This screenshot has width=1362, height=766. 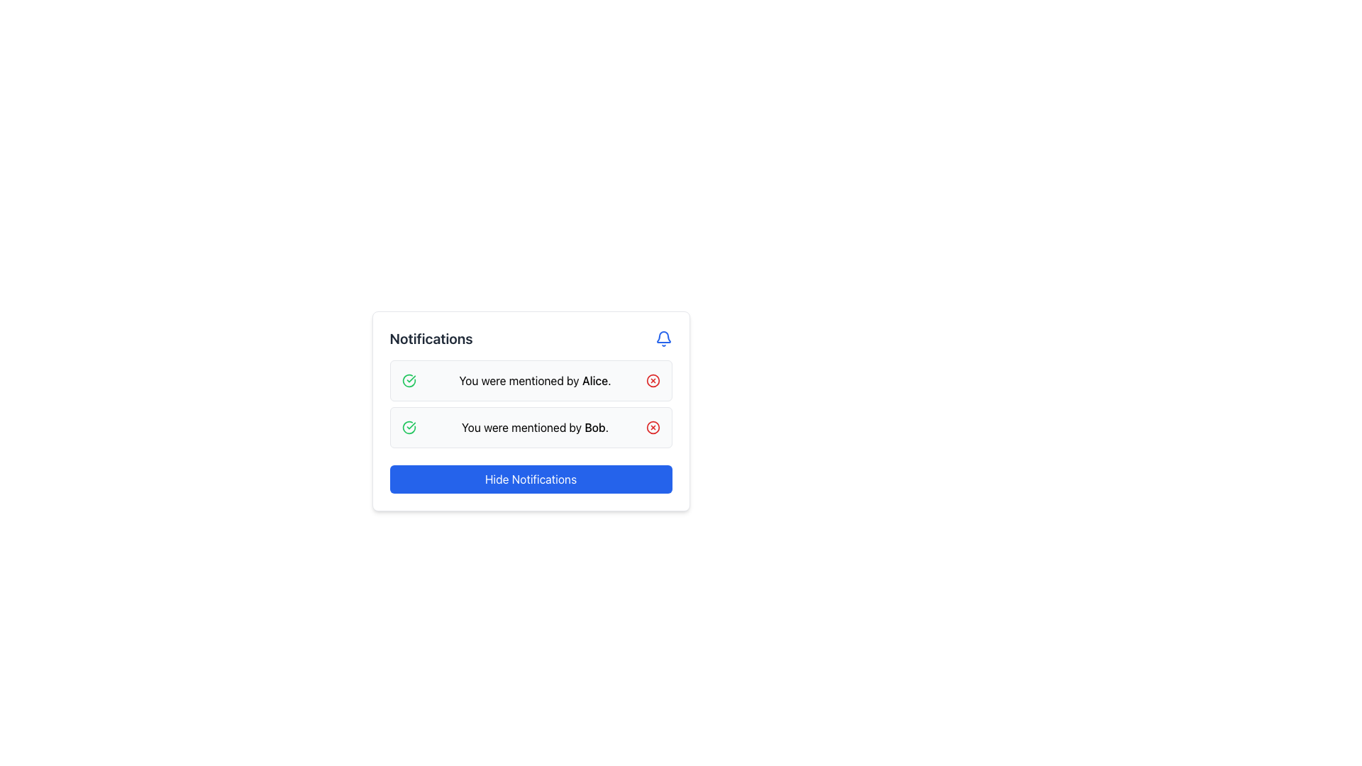 What do you see at coordinates (595, 426) in the screenshot?
I see `the text element that identifies the person who mentioned the user in the second notification block under the 'Notifications' heading` at bounding box center [595, 426].